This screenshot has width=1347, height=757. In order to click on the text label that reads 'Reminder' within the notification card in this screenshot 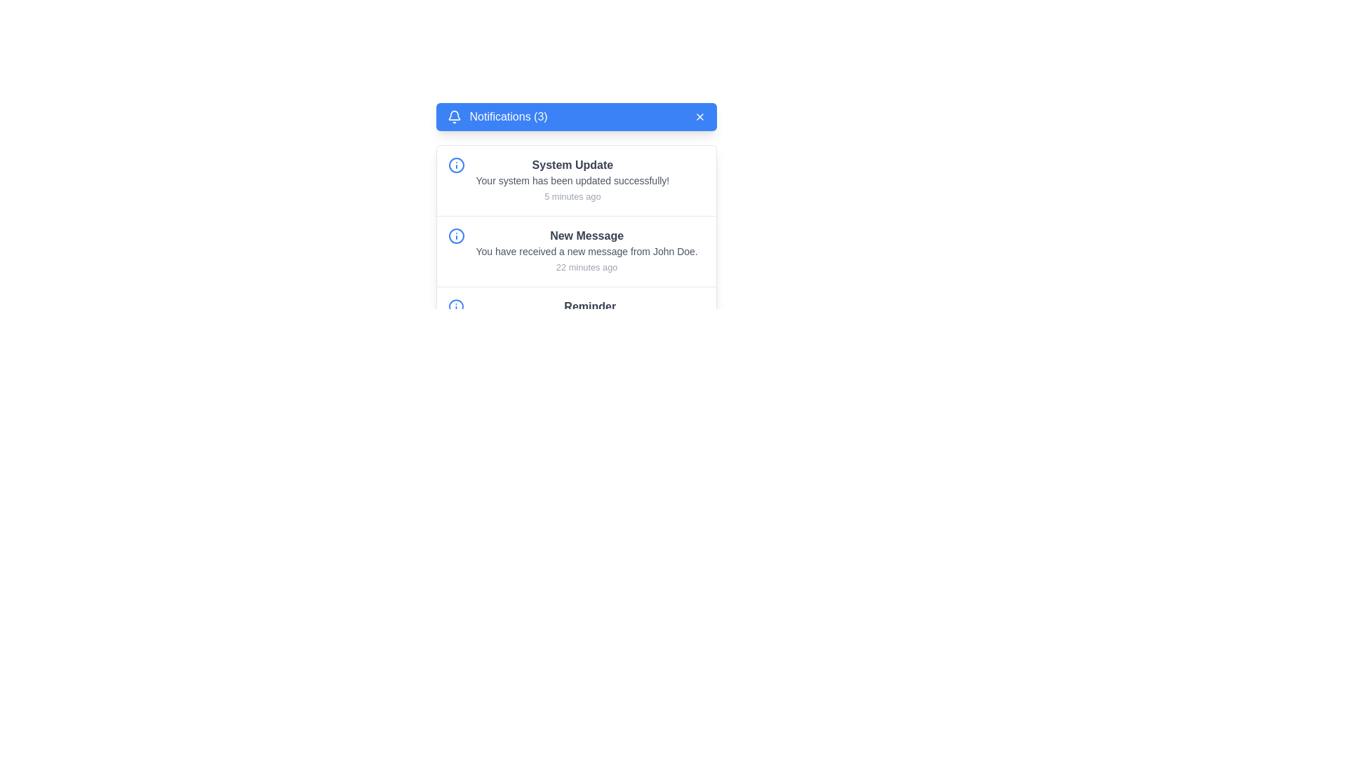, I will do `click(590, 306)`.